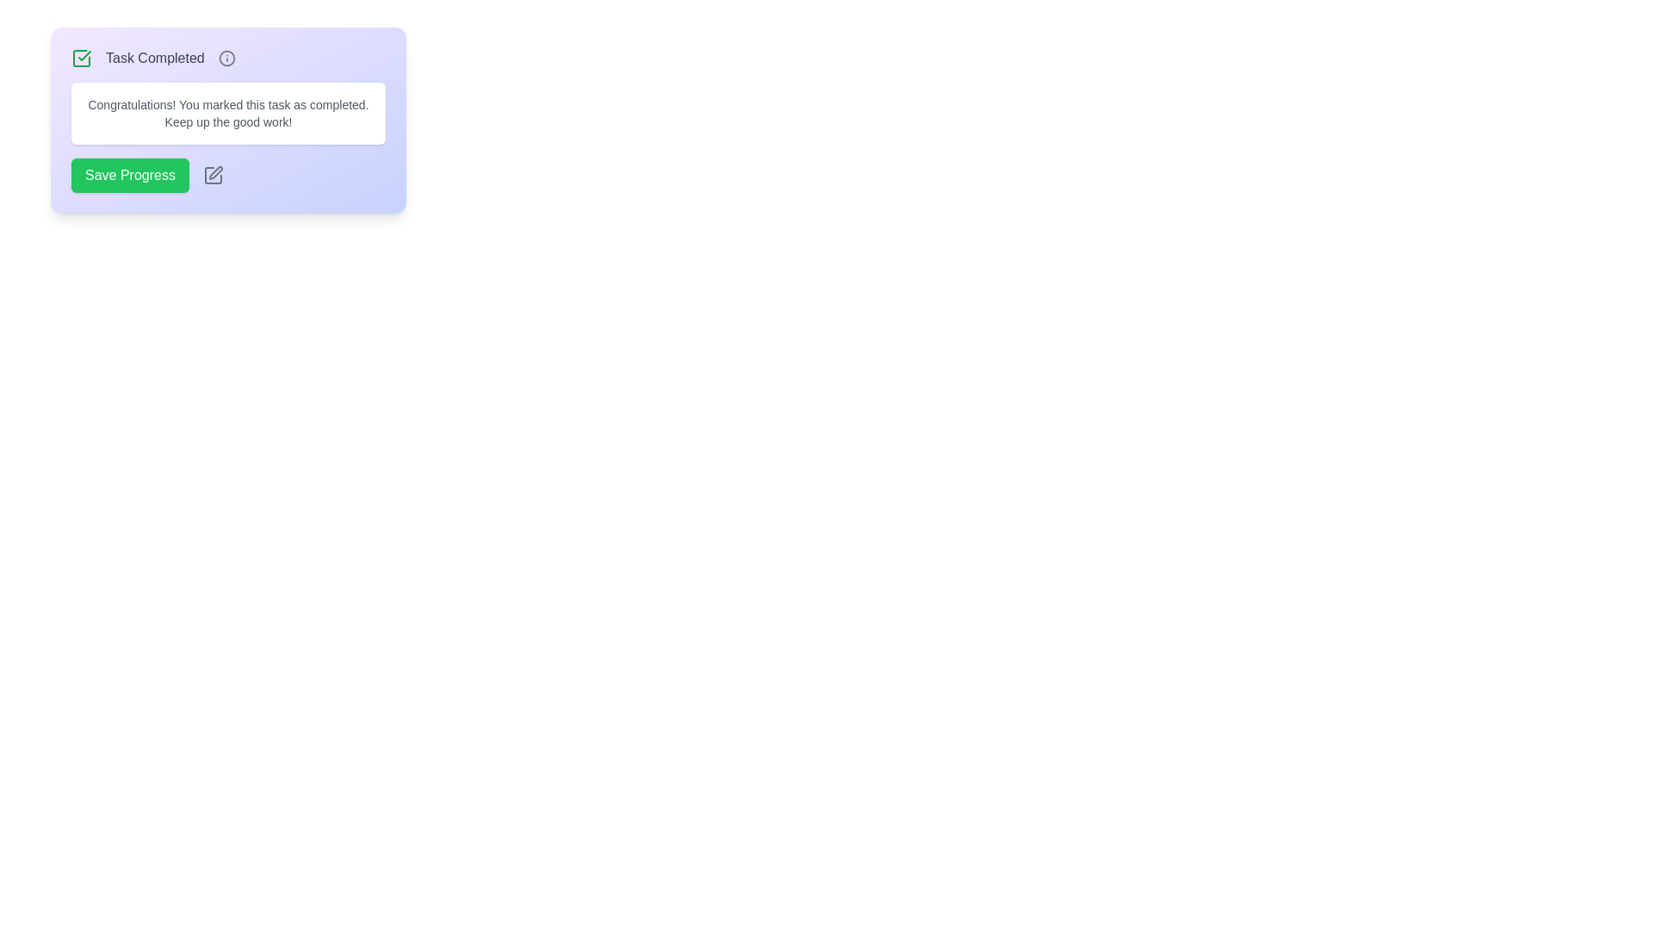 The image size is (1653, 930). I want to click on the Status summary section which contains a green check icon on the left, gray text 'Task Completed' in the center, and an info icon on the right, located at the top of the interface, so click(227, 58).